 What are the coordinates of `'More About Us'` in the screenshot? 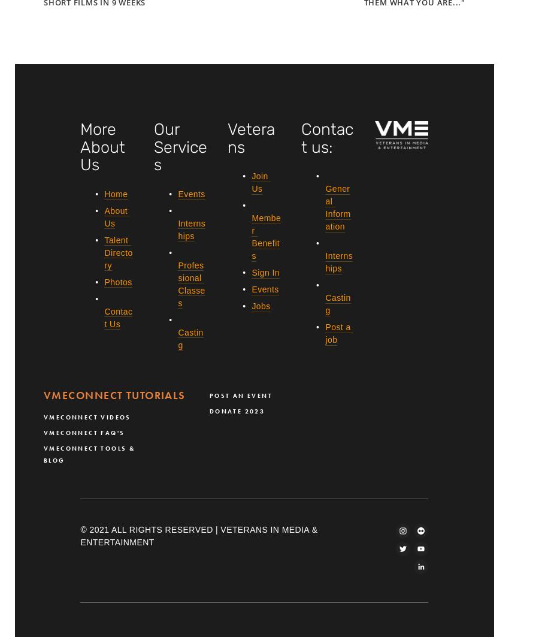 It's located at (104, 147).